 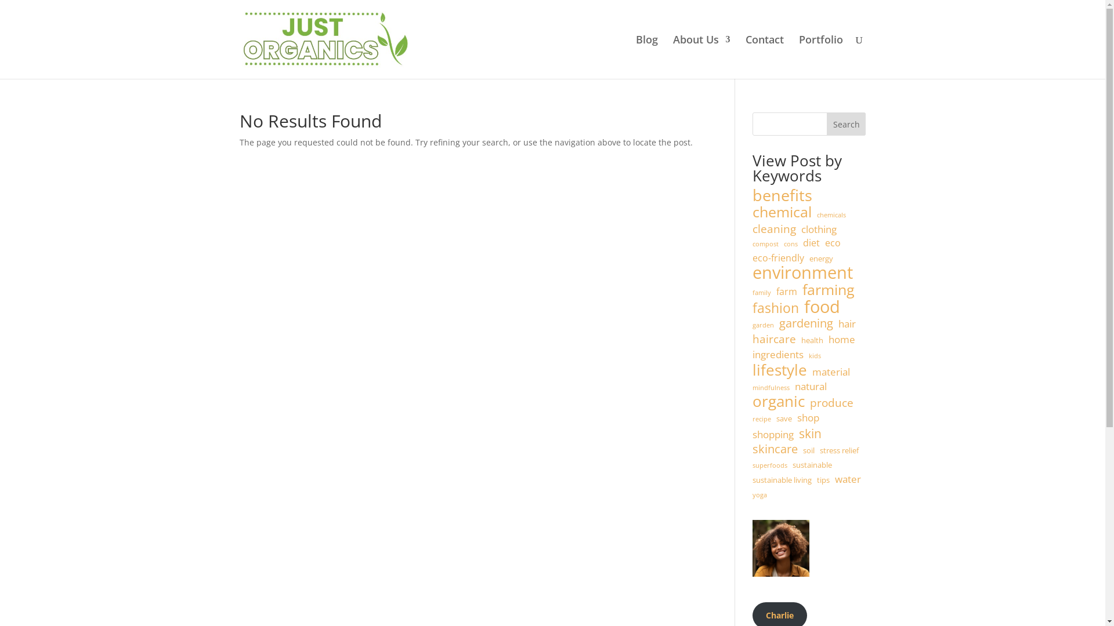 What do you see at coordinates (784, 418) in the screenshot?
I see `'save'` at bounding box center [784, 418].